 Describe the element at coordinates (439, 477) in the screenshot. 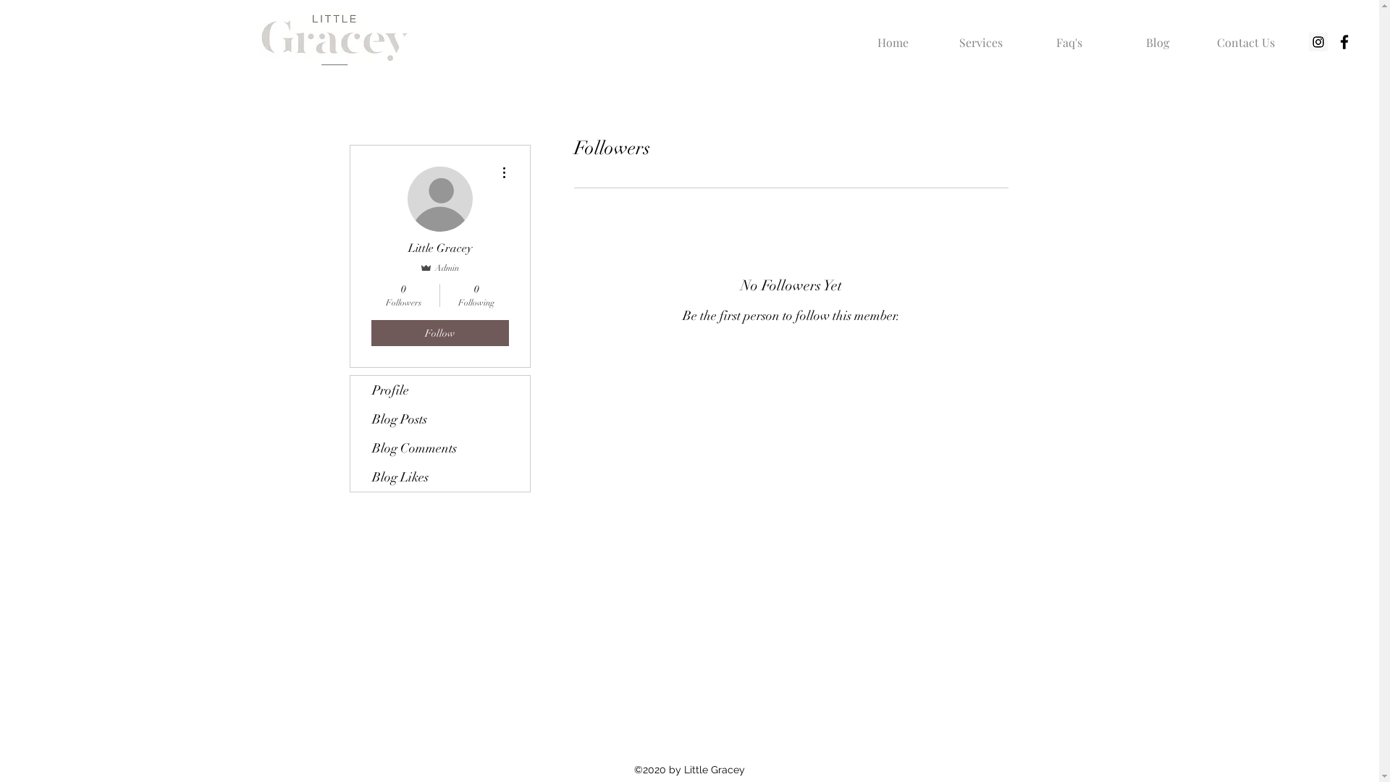

I see `'Blog Likes'` at that location.